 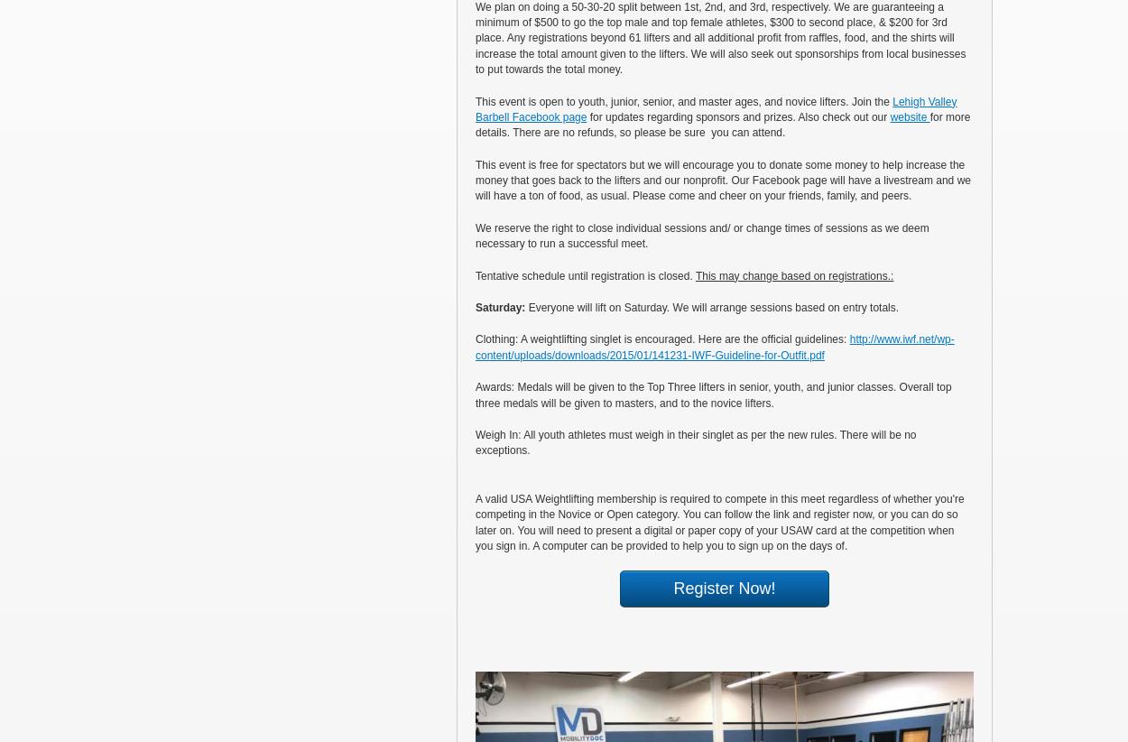 What do you see at coordinates (723, 179) in the screenshot?
I see `'This event is free for spectators but we will encourage you to donate some money to help increase the money that goes back to the lifters and our nonprofit. Our Facebook page will have a livestream and we will have a ton of food, as usual. Please come and cheer on your friends, family, and peers.'` at bounding box center [723, 179].